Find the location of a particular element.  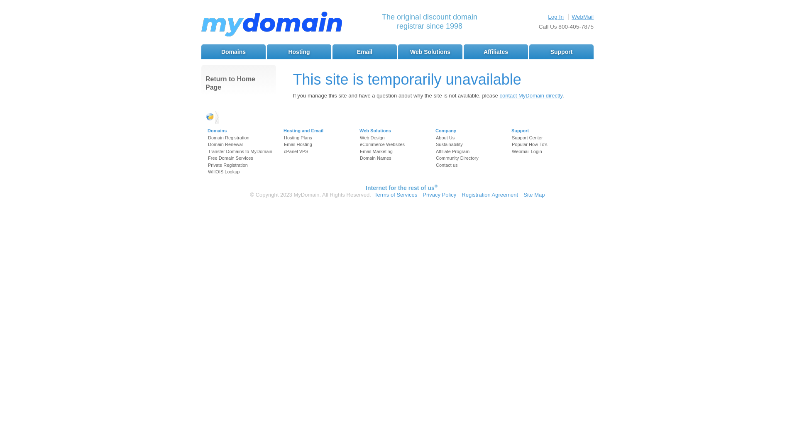

'Return to Home Page' is located at coordinates (238, 83).